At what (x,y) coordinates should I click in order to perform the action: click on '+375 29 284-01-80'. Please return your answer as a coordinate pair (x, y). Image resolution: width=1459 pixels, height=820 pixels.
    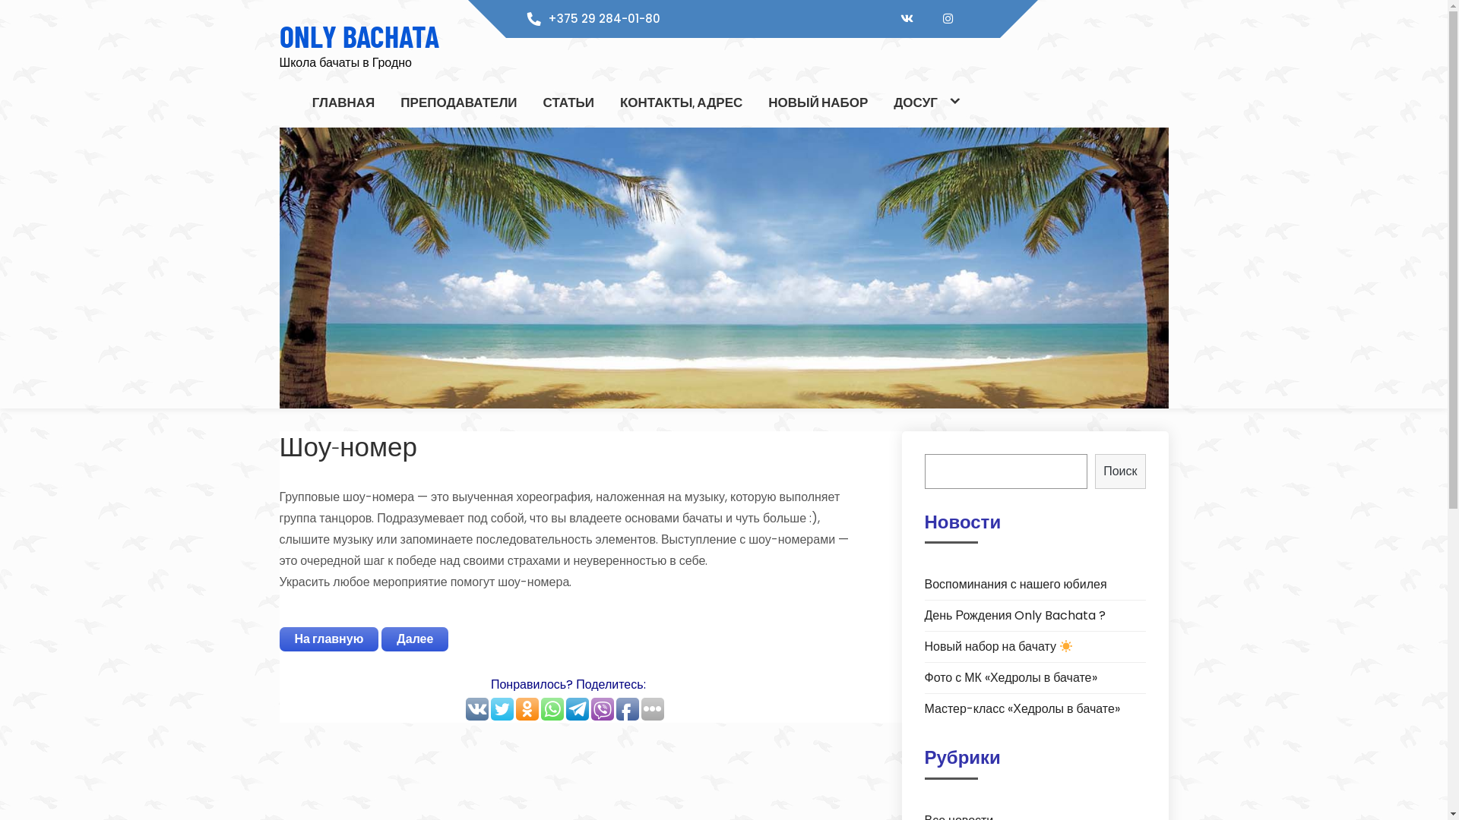
    Looking at the image, I should click on (603, 18).